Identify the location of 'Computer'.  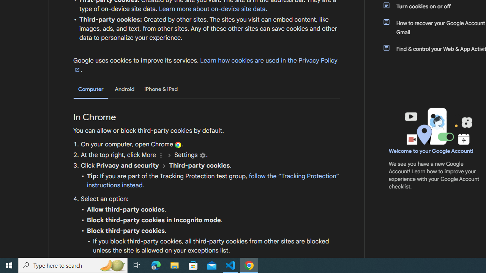
(91, 89).